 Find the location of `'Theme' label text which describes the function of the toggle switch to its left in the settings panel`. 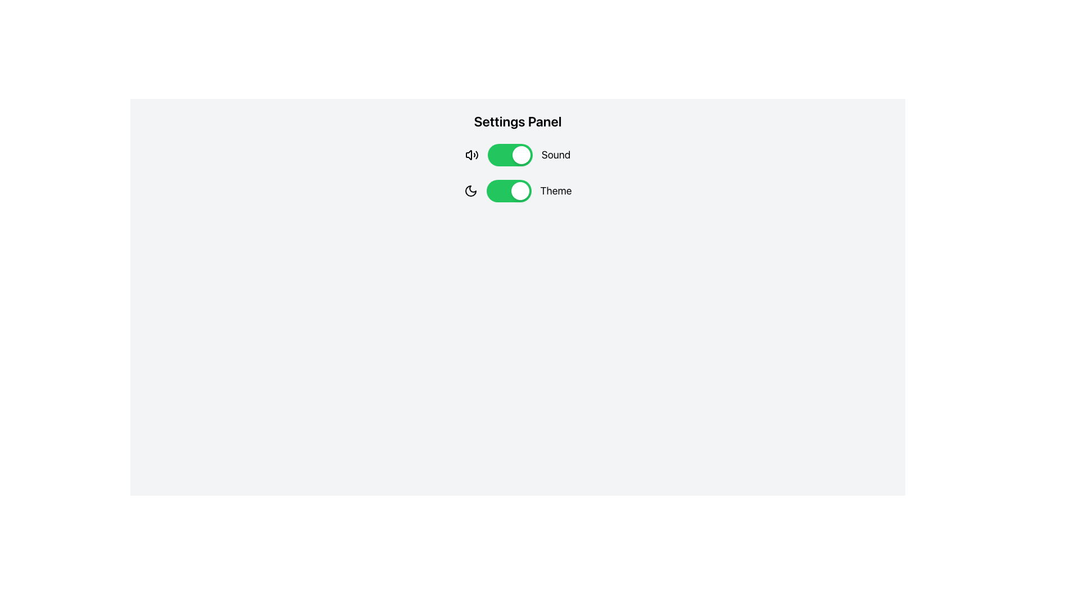

'Theme' label text which describes the function of the toggle switch to its left in the settings panel is located at coordinates (556, 190).